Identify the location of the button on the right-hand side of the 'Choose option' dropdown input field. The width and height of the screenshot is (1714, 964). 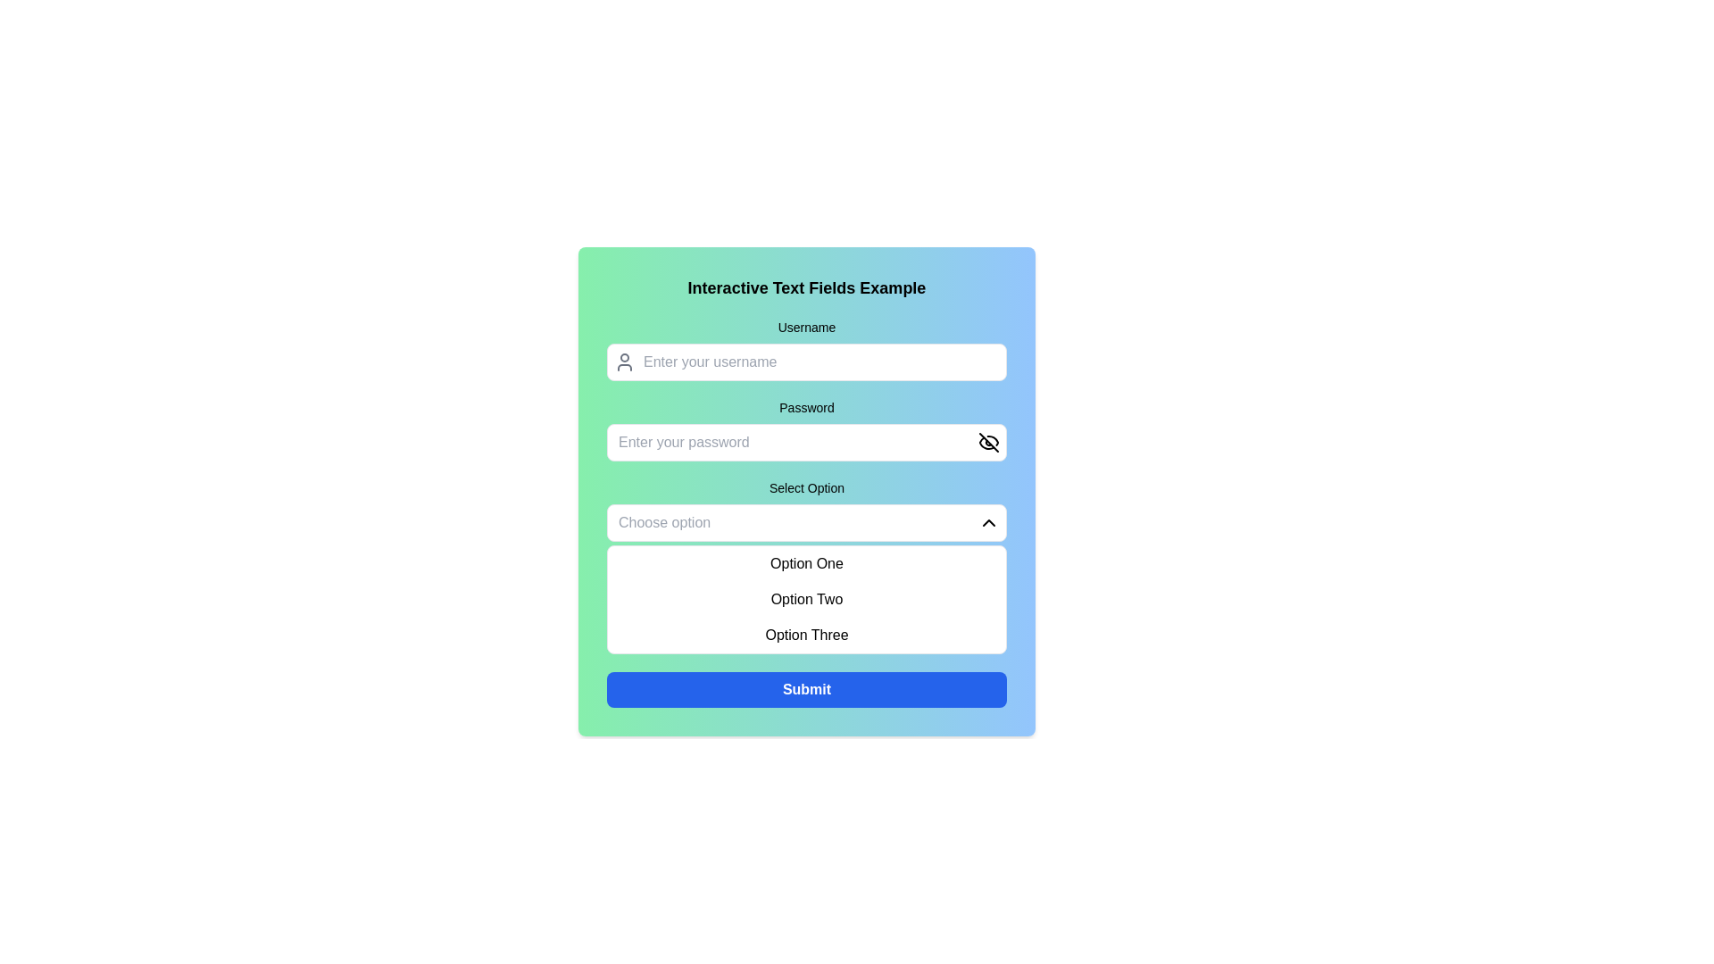
(988, 522).